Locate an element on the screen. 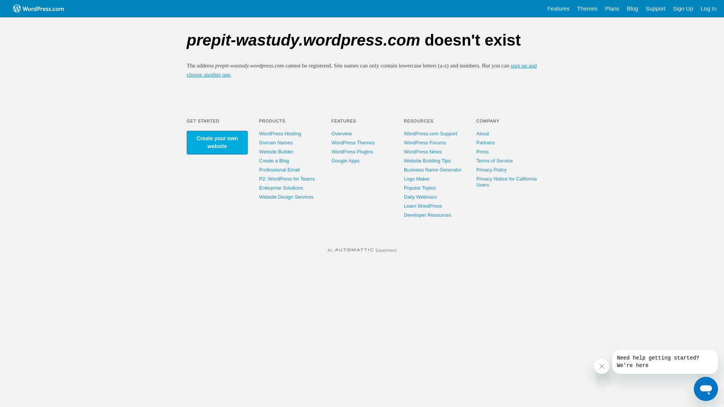 The width and height of the screenshot is (724, 407). 'Google Apps' is located at coordinates (345, 160).